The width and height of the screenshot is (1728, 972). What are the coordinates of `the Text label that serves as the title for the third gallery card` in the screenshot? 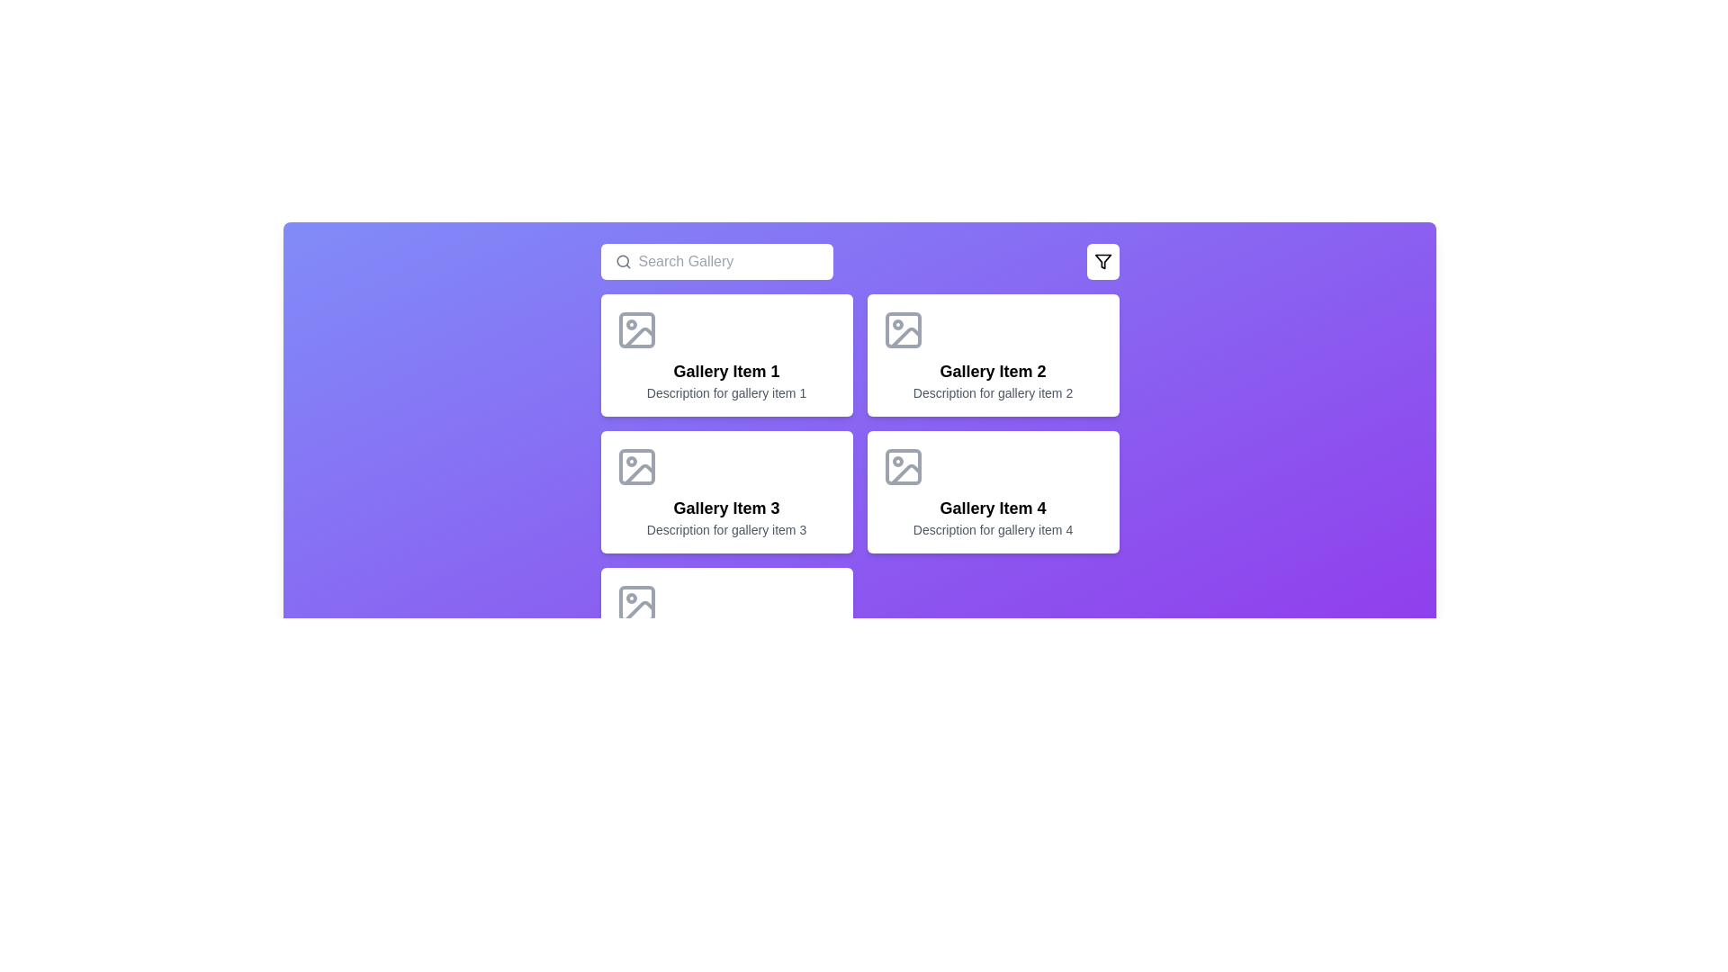 It's located at (726, 508).